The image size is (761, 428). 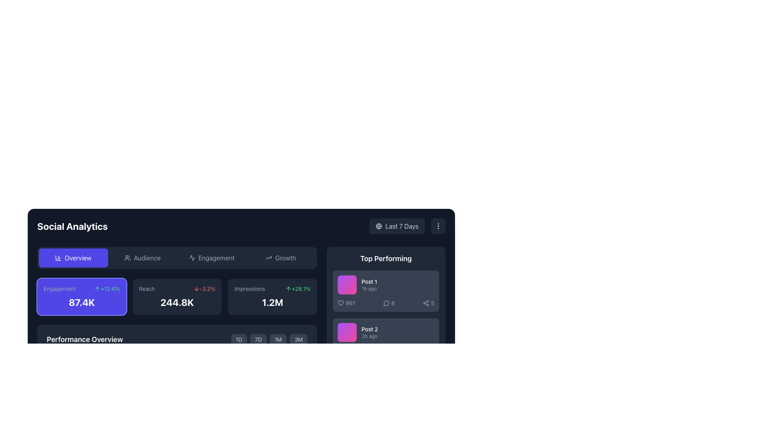 I want to click on the '7D' button in the Performance Overview section, which is part of a horizontally arranged composite UI component with a dark navy blue background and white text, so click(x=176, y=339).